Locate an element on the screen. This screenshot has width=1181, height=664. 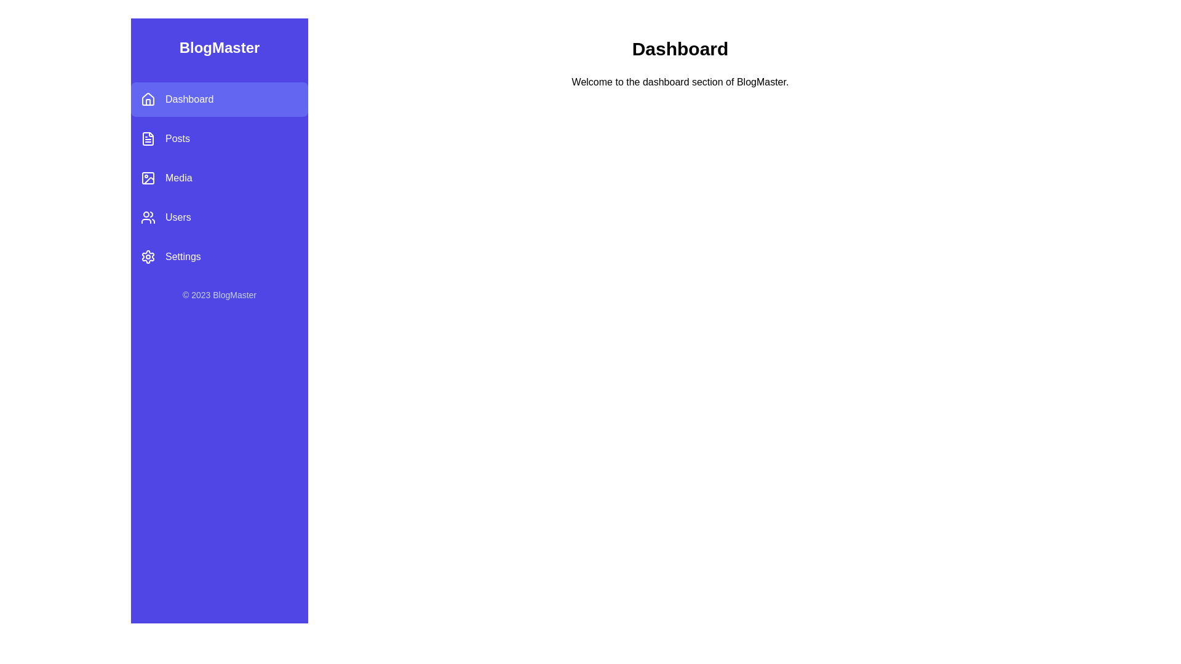
the 'Posts' icon in the vertical menu, which is styled as a document and is positioned beneath the 'Dashboard' icon is located at coordinates (148, 138).